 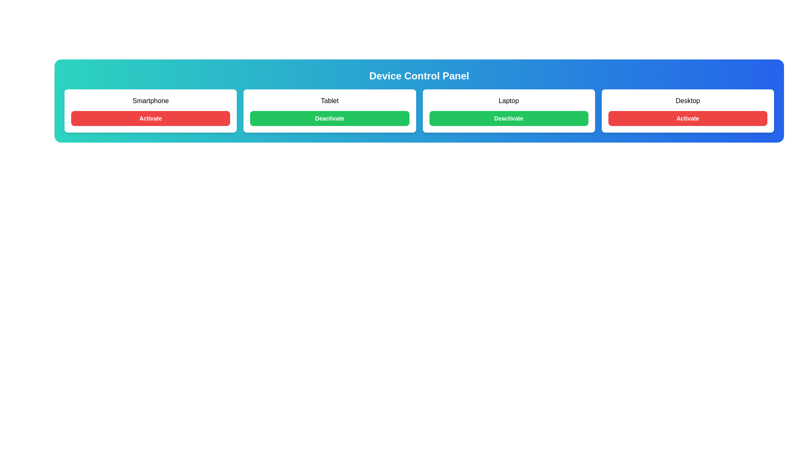 I want to click on the button for Smartphone to observe the hover effect, so click(x=150, y=118).